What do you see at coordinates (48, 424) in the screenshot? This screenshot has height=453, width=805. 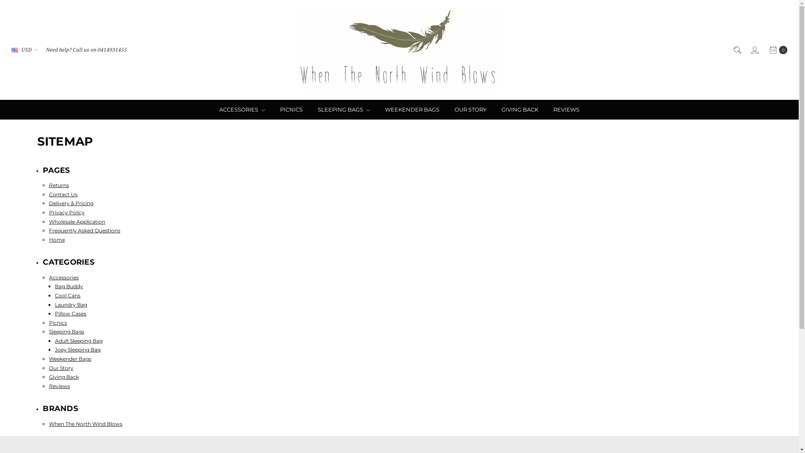 I see `'When The North Wind Blows'` at bounding box center [48, 424].